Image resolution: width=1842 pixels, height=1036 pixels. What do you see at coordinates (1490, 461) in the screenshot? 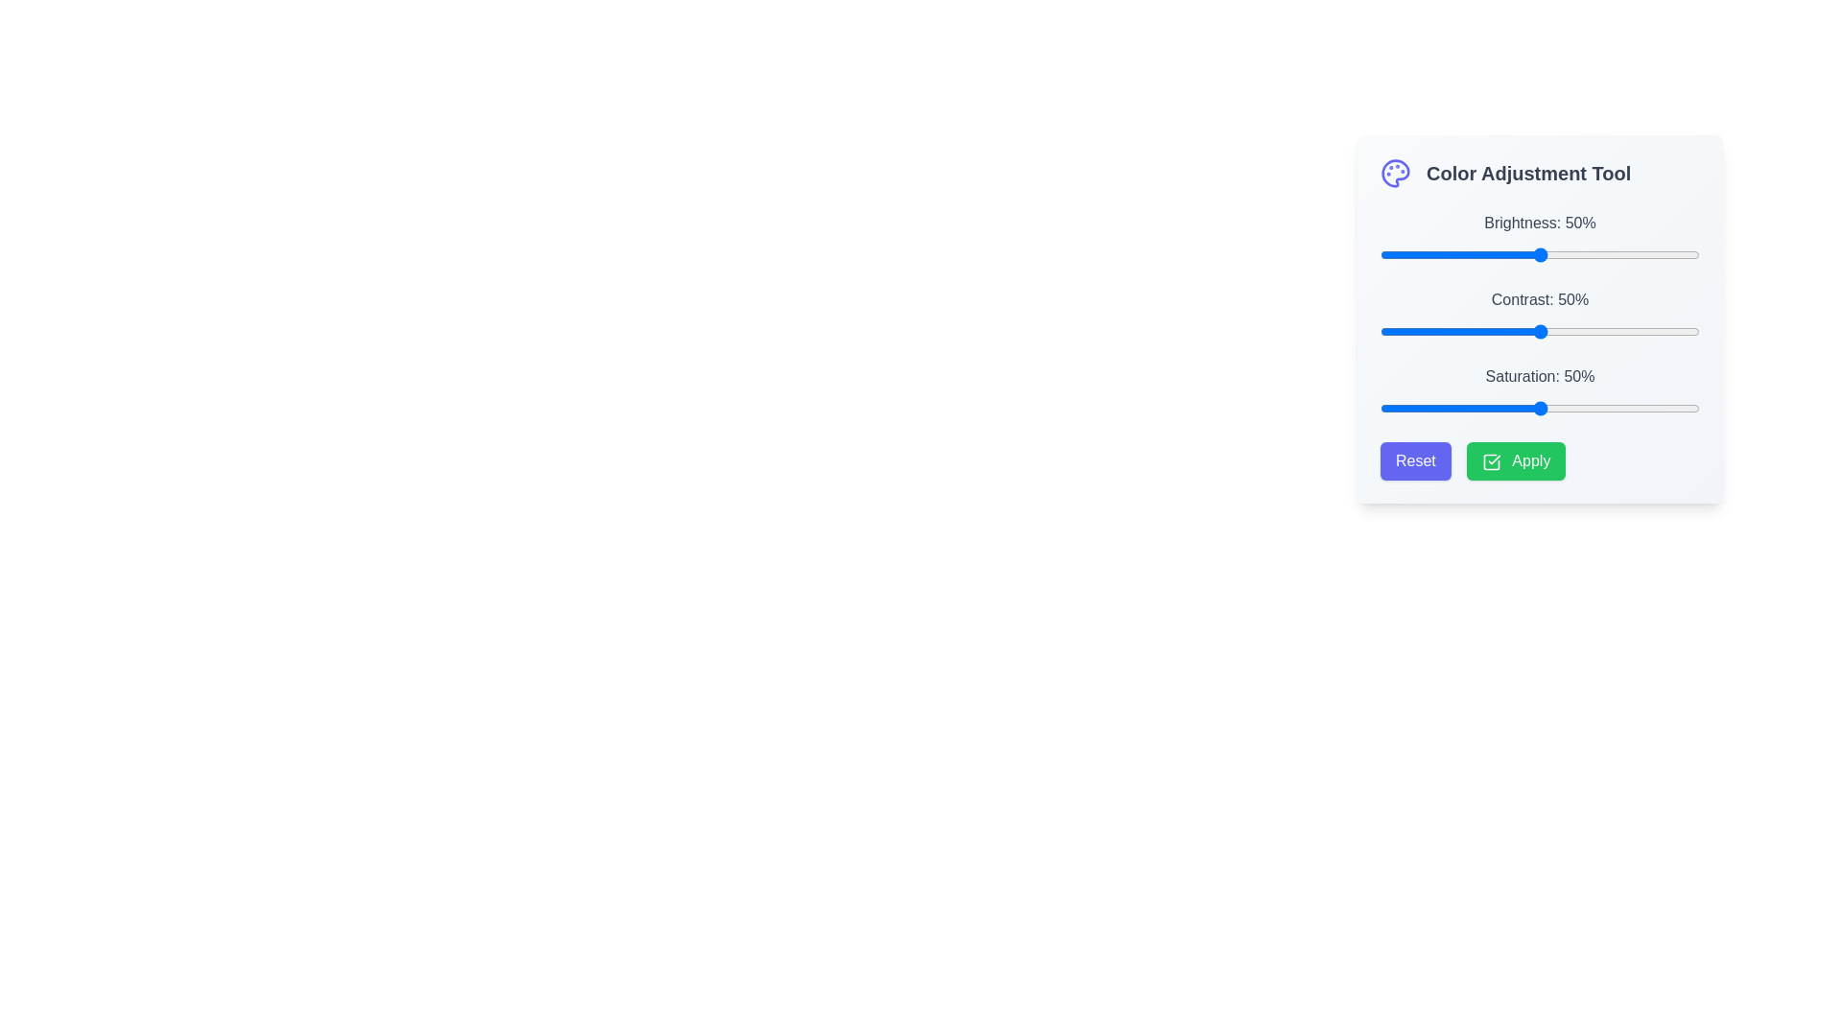
I see `the checkmark icon inside the green button next to the 'Apply' text` at bounding box center [1490, 461].